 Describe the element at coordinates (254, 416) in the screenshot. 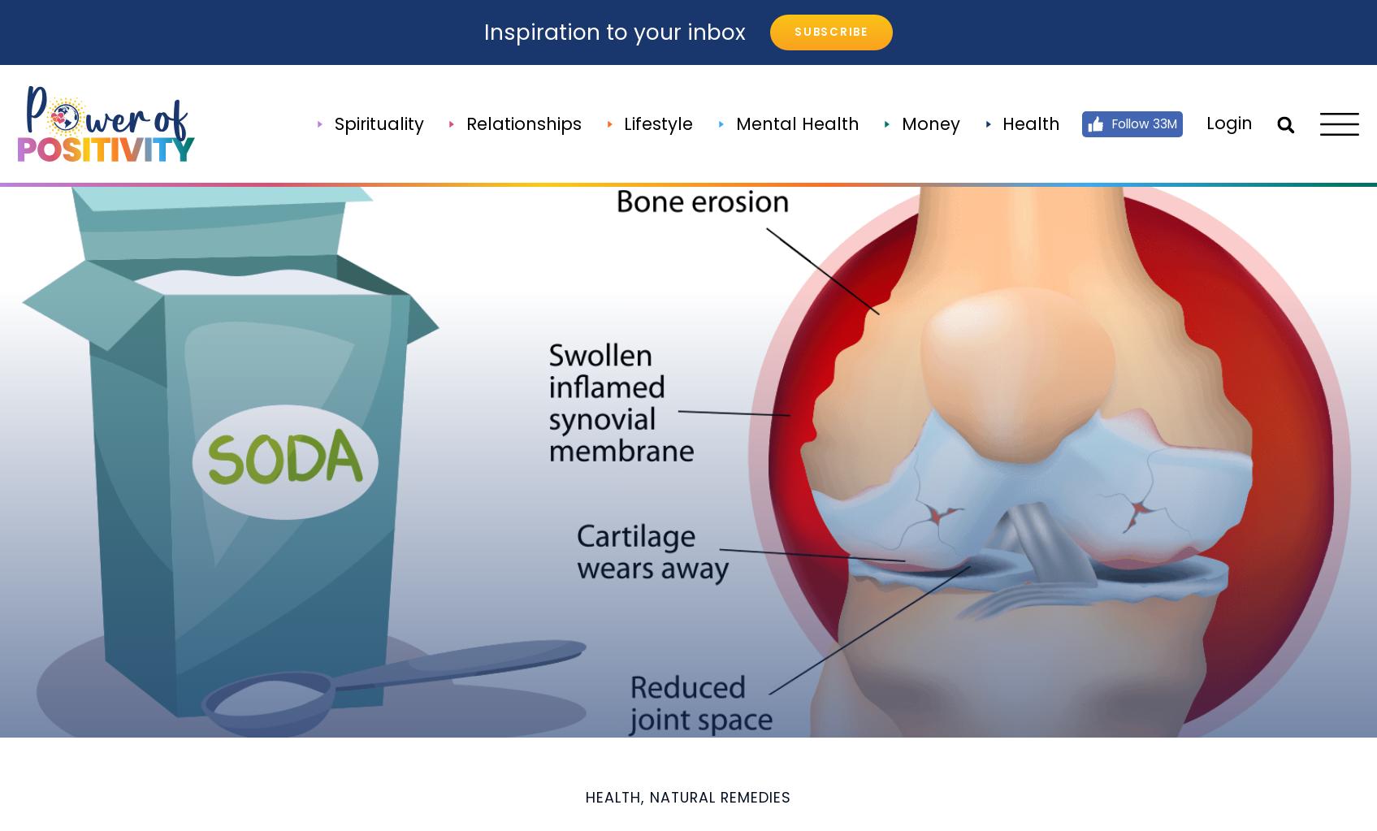

I see `'Sunshine Box Product'` at that location.